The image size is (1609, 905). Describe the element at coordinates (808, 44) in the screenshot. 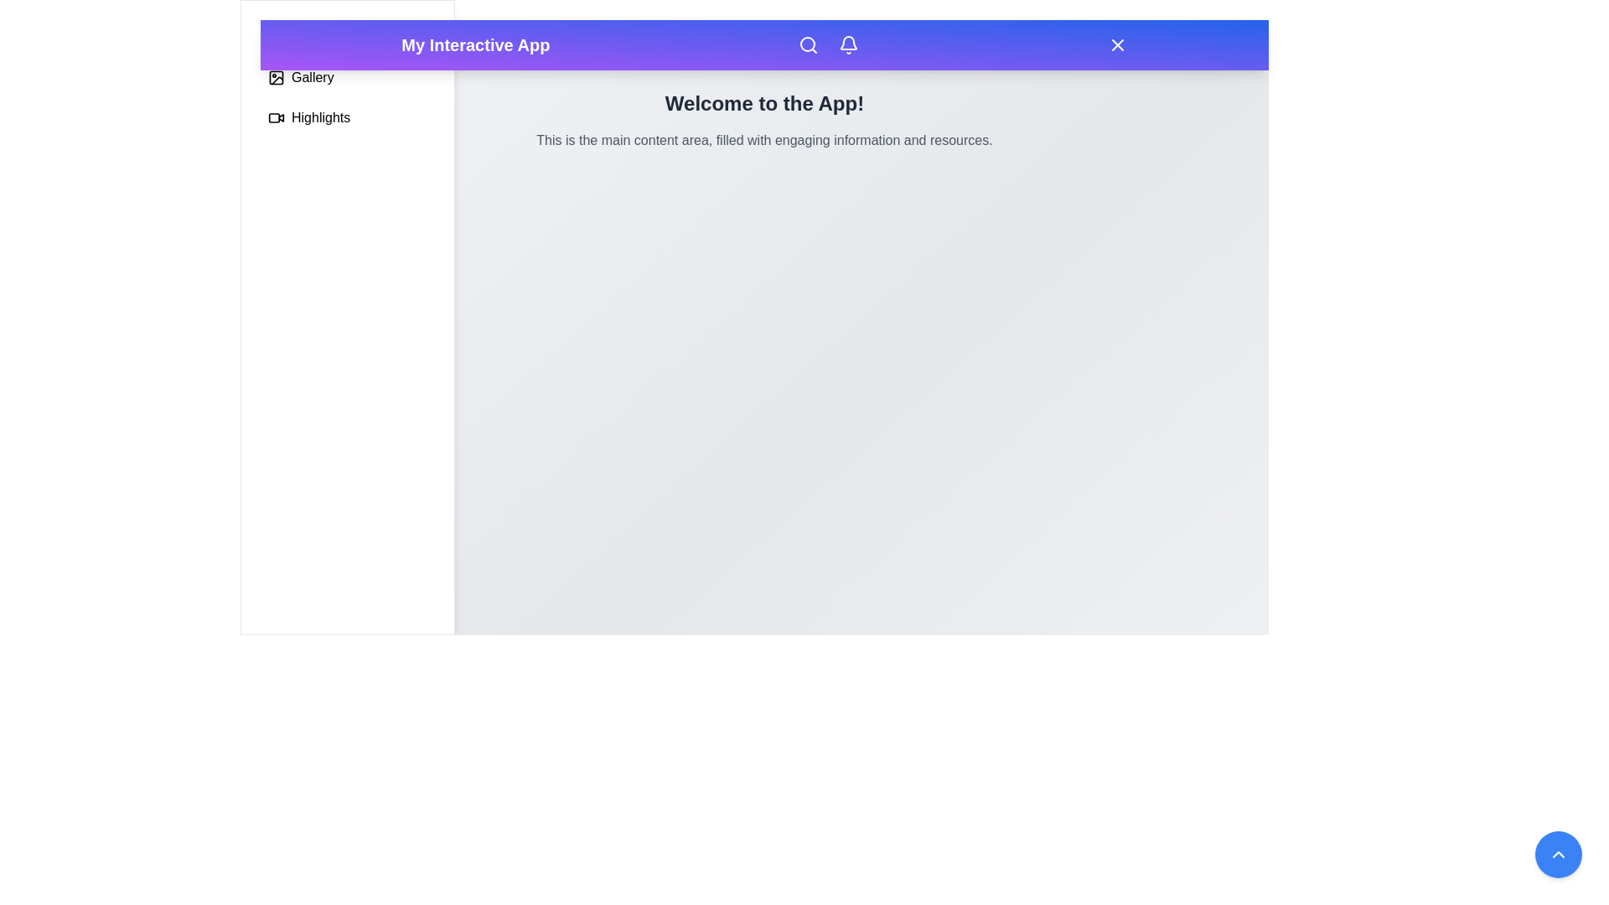

I see `the circular portion of the magnifying glass icon located in the top navigation bar, situated between a logo and other icons` at that location.